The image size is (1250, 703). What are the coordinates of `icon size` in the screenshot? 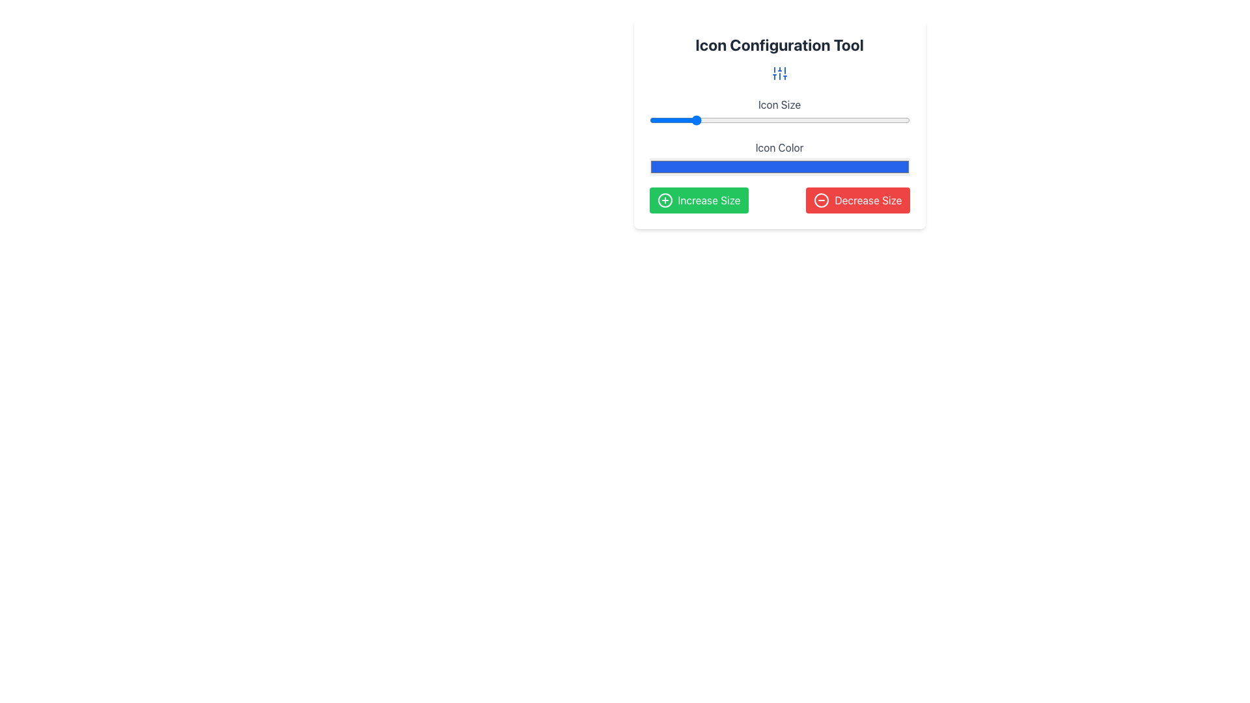 It's located at (774, 120).